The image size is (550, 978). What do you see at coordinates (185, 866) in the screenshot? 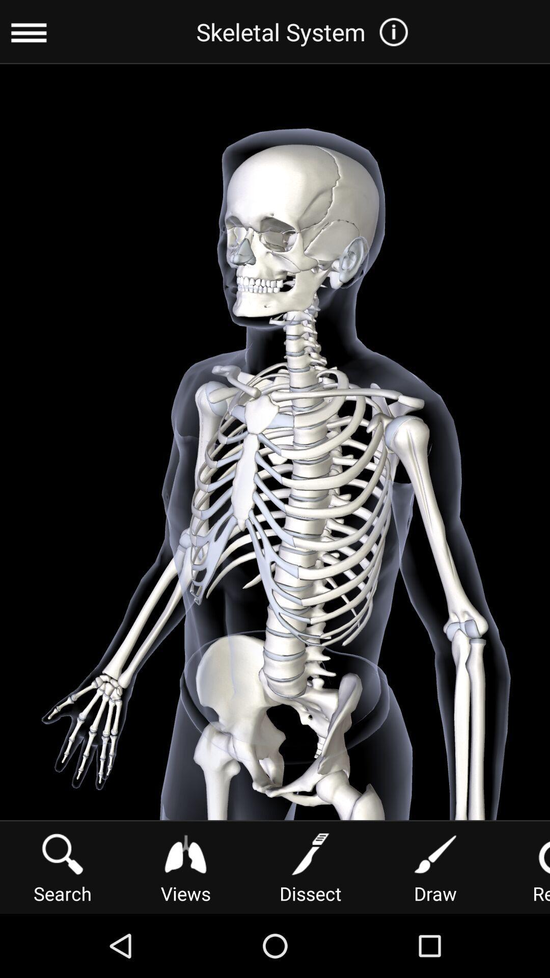
I see `item next to the dissect icon` at bounding box center [185, 866].